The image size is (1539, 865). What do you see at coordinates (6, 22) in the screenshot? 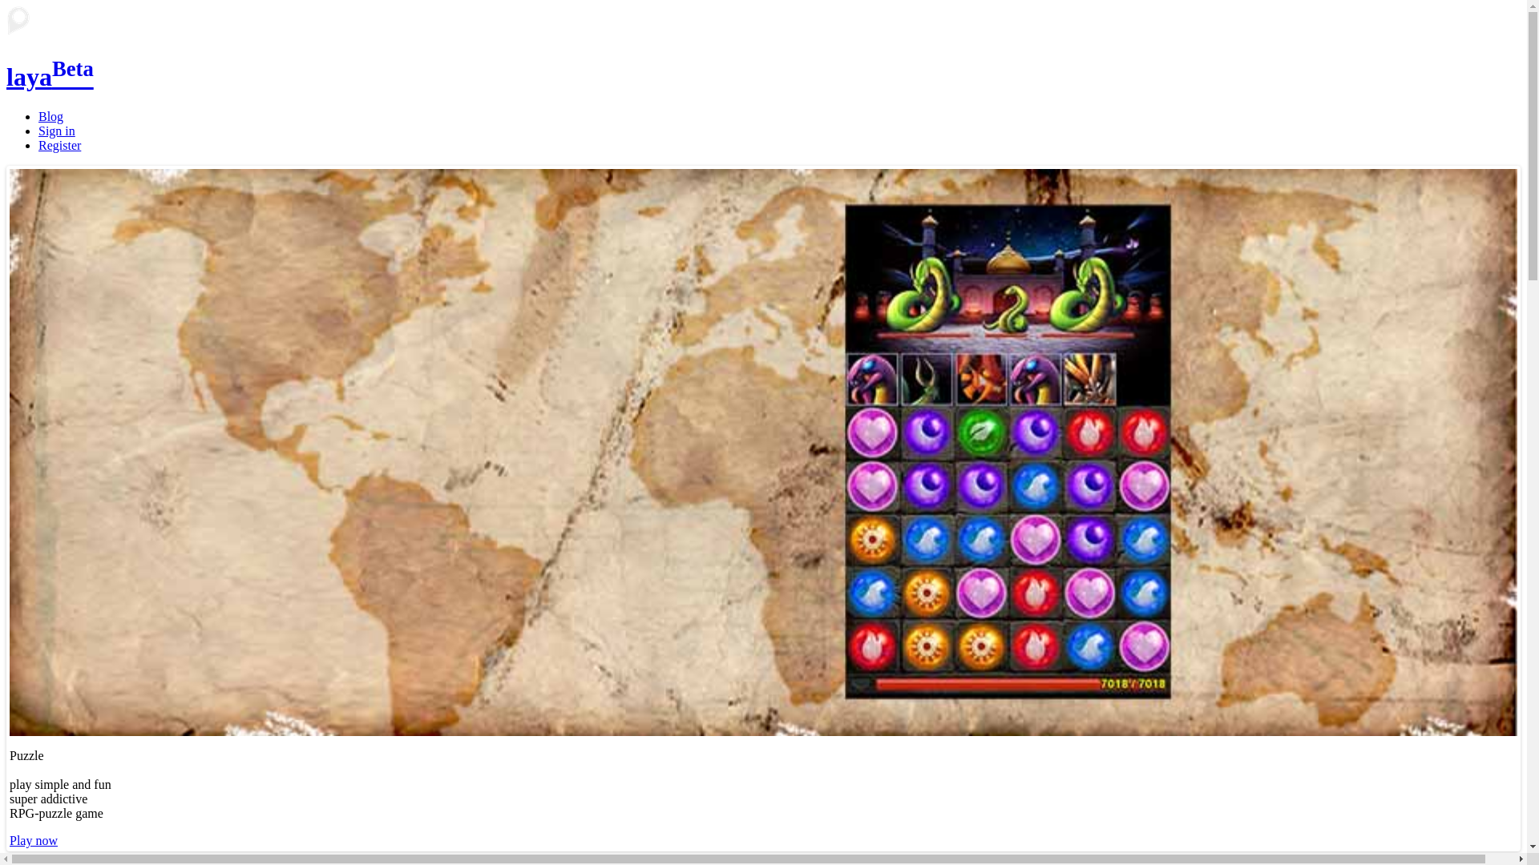
I see `'Playa Home'` at bounding box center [6, 22].